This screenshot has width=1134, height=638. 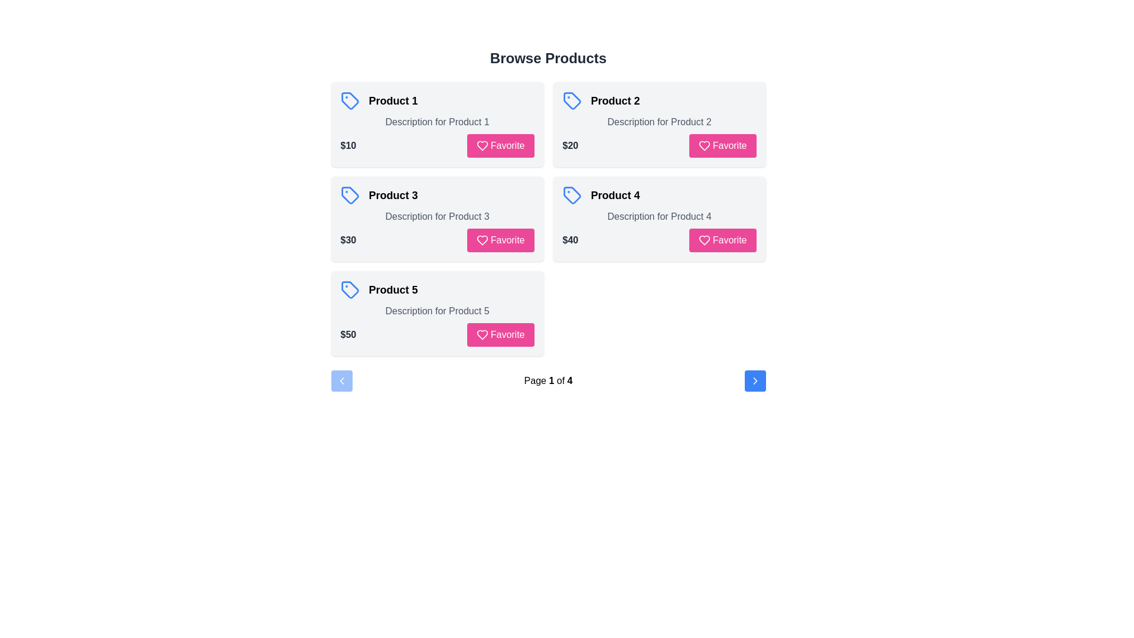 What do you see at coordinates (754, 380) in the screenshot?
I see `the small rightward-facing arrow icon located at the far right end of the navigation controls, adjacent to the pagination text 'Page 1 of 4'` at bounding box center [754, 380].